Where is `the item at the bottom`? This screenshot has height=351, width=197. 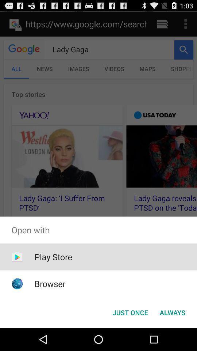 the item at the bottom is located at coordinates (130, 312).